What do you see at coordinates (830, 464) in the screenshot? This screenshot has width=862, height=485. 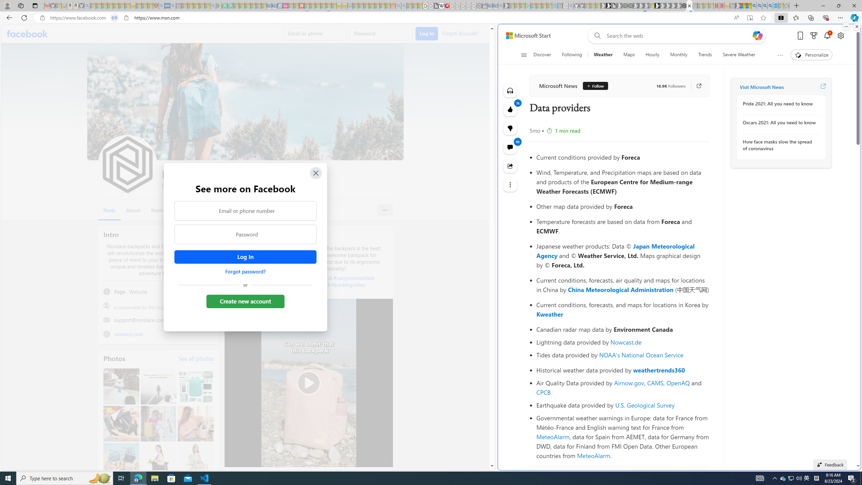 I see `'Feedback'` at bounding box center [830, 464].